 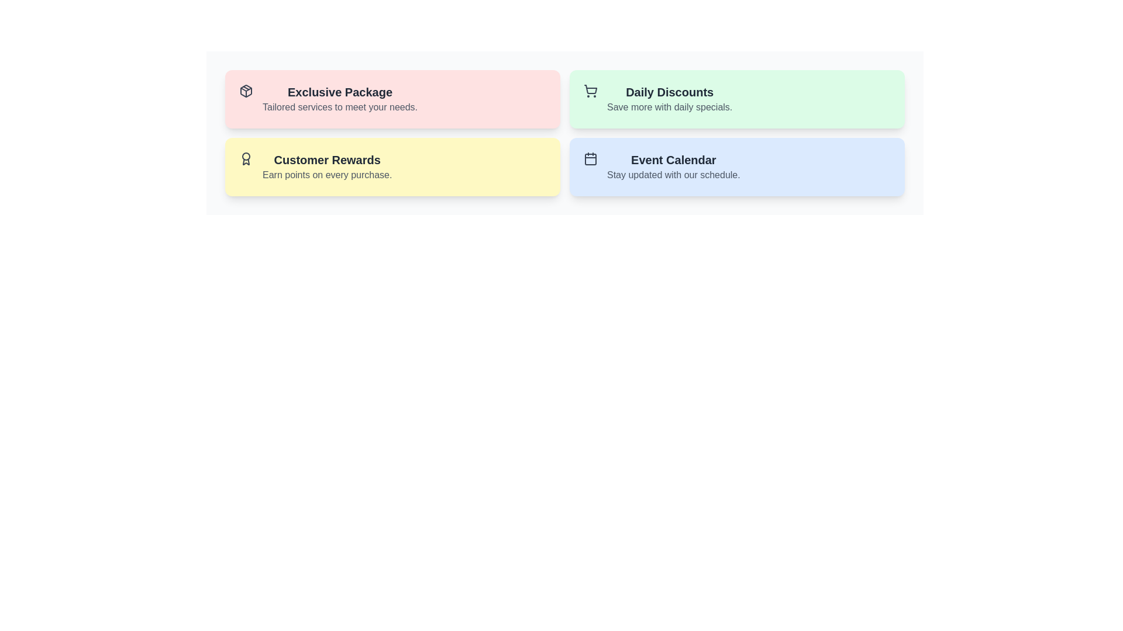 I want to click on the textual heading 'Daily Discounts', which is styled with a bold, large font size and dark gray color, located in the upper right section of the interface above the text 'Save more with daily specials', so click(x=670, y=92).